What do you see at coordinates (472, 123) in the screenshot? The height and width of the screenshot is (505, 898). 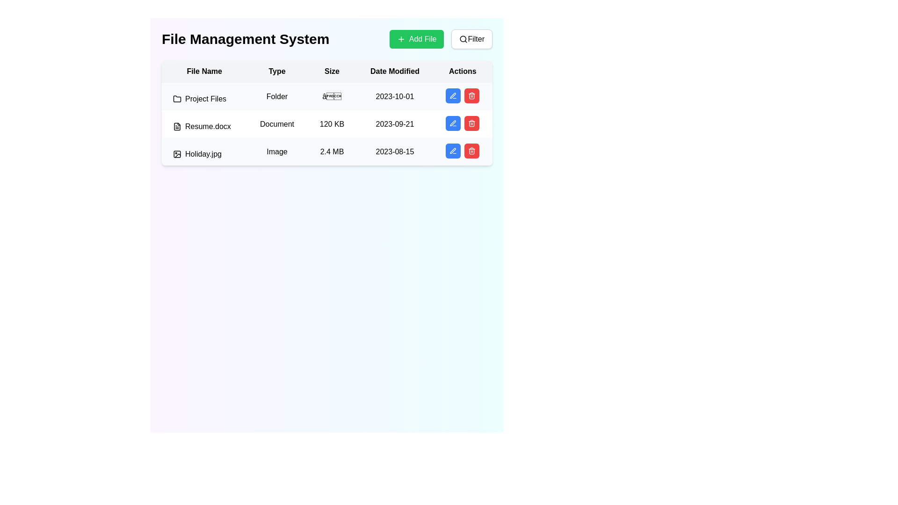 I see `the trash can icon button located in the last column of the second row under the 'Actions' column` at bounding box center [472, 123].